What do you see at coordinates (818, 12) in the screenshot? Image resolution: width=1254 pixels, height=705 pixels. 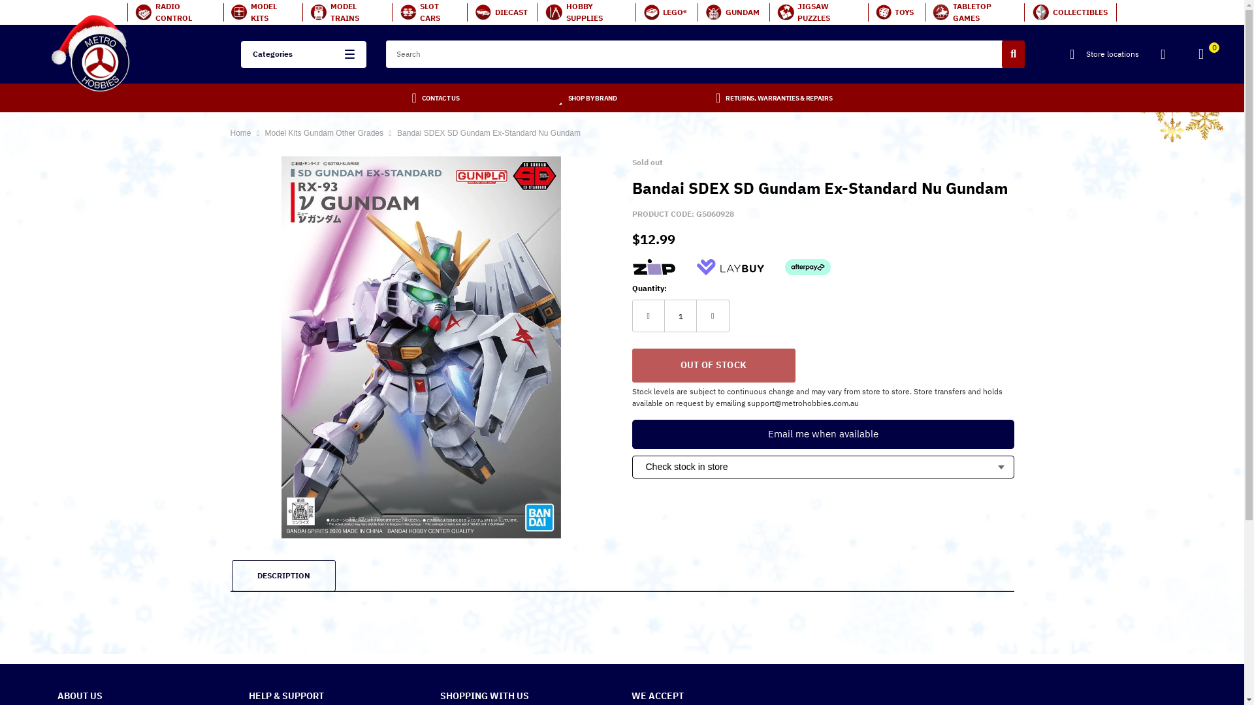 I see `'JIGSAW PUZZLES'` at bounding box center [818, 12].